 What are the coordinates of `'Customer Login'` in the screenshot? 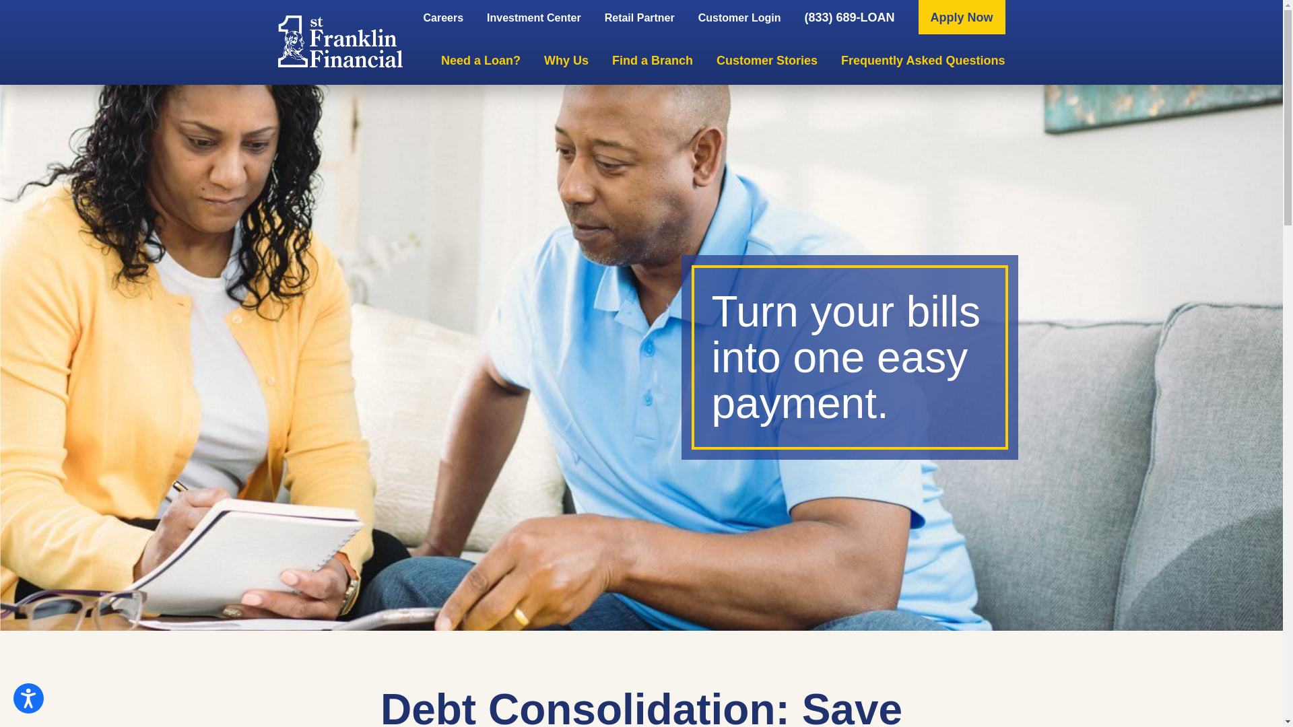 It's located at (739, 18).